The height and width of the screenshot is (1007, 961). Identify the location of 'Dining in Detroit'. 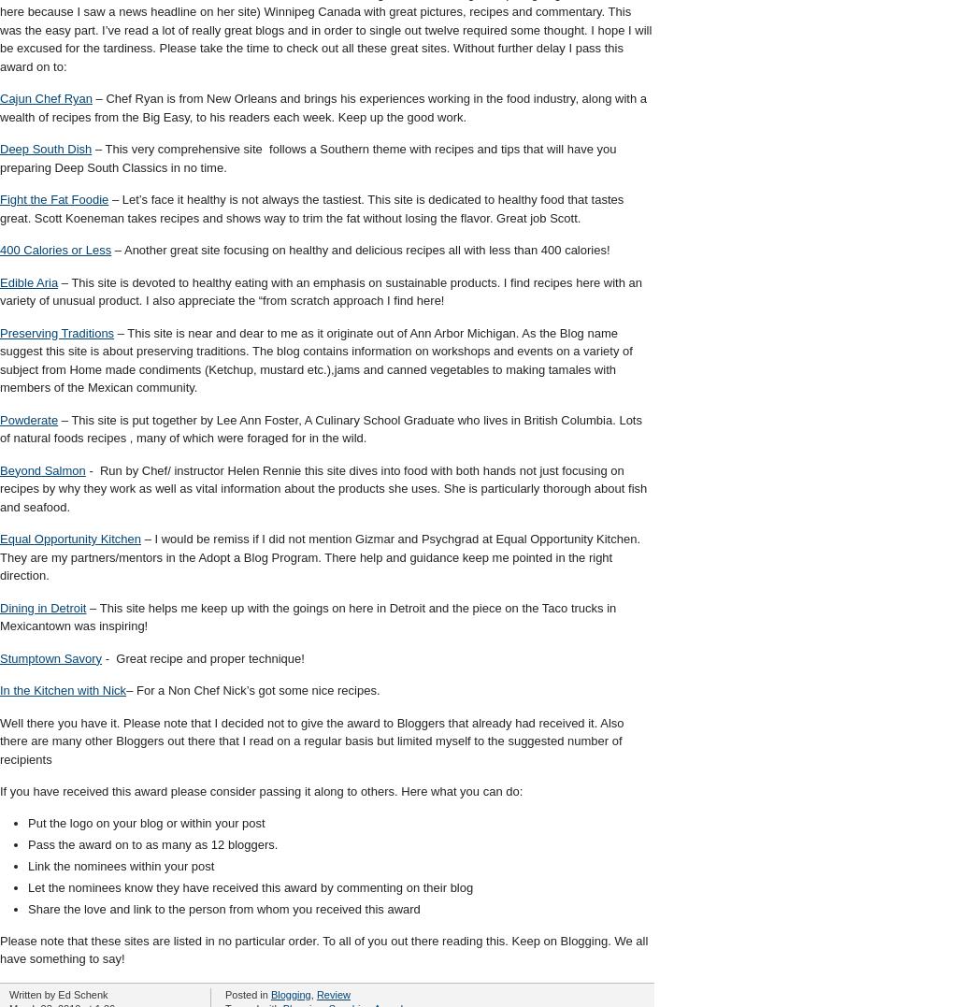
(42, 607).